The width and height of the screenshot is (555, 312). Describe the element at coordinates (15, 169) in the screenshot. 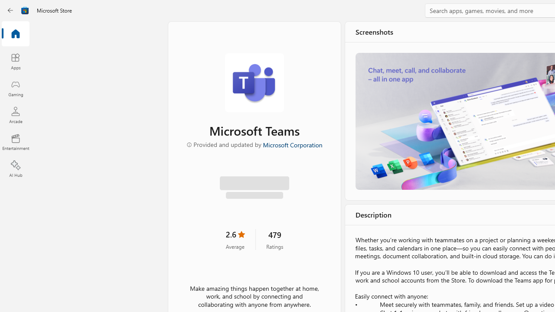

I see `'AI Hub'` at that location.